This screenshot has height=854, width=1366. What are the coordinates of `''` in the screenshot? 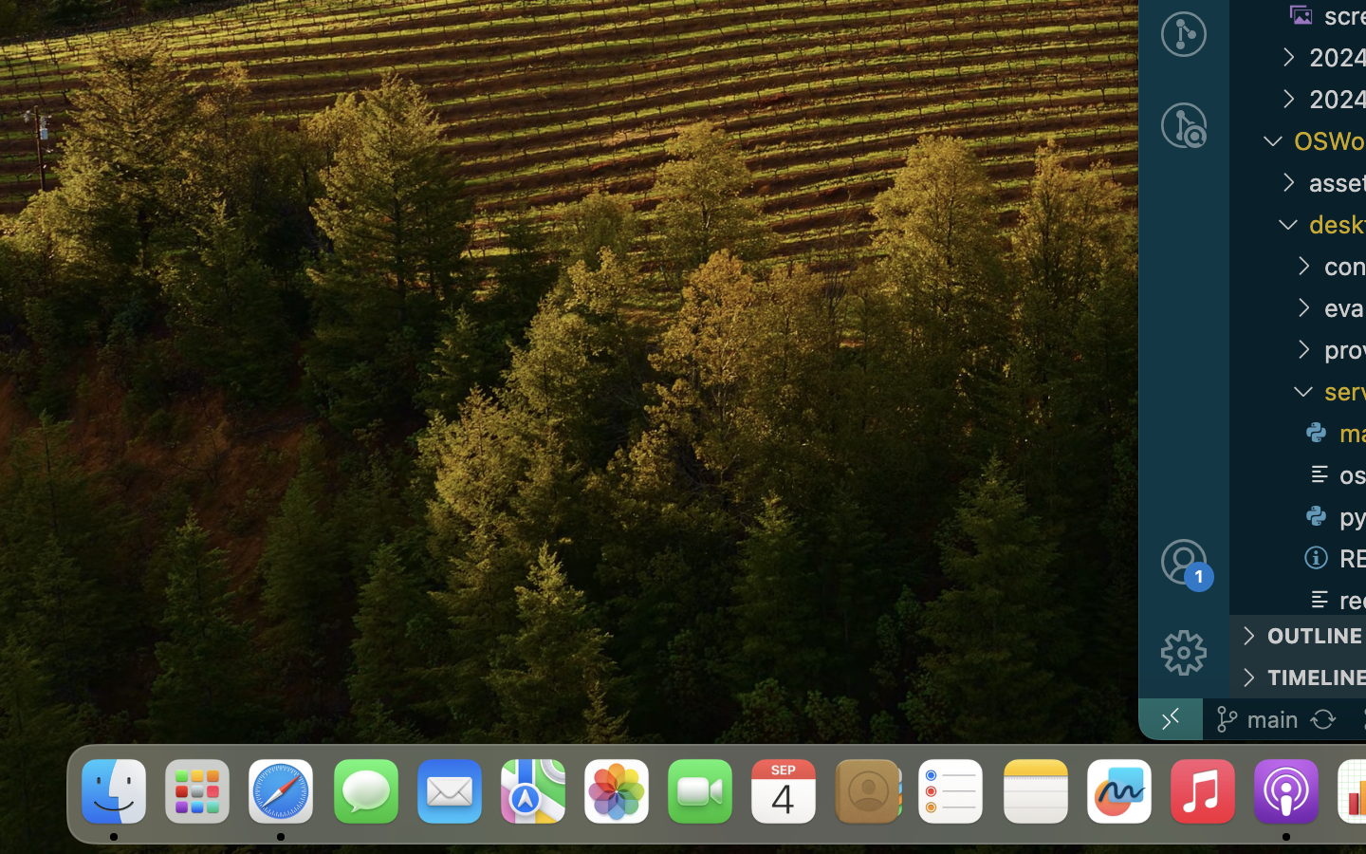 It's located at (1183, 562).